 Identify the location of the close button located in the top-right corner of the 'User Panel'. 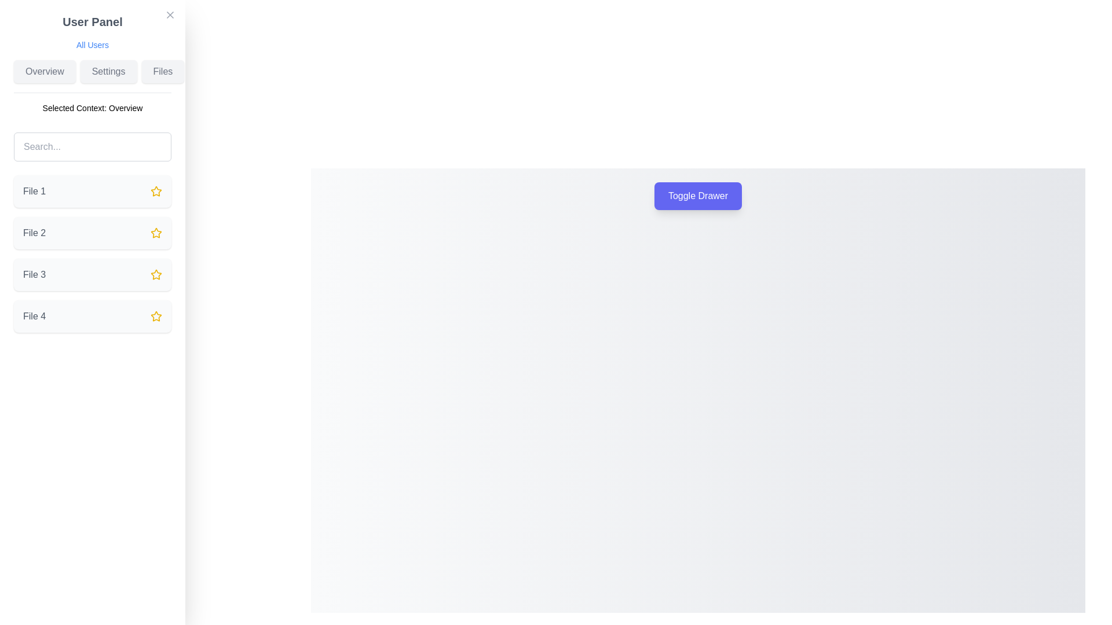
(169, 15).